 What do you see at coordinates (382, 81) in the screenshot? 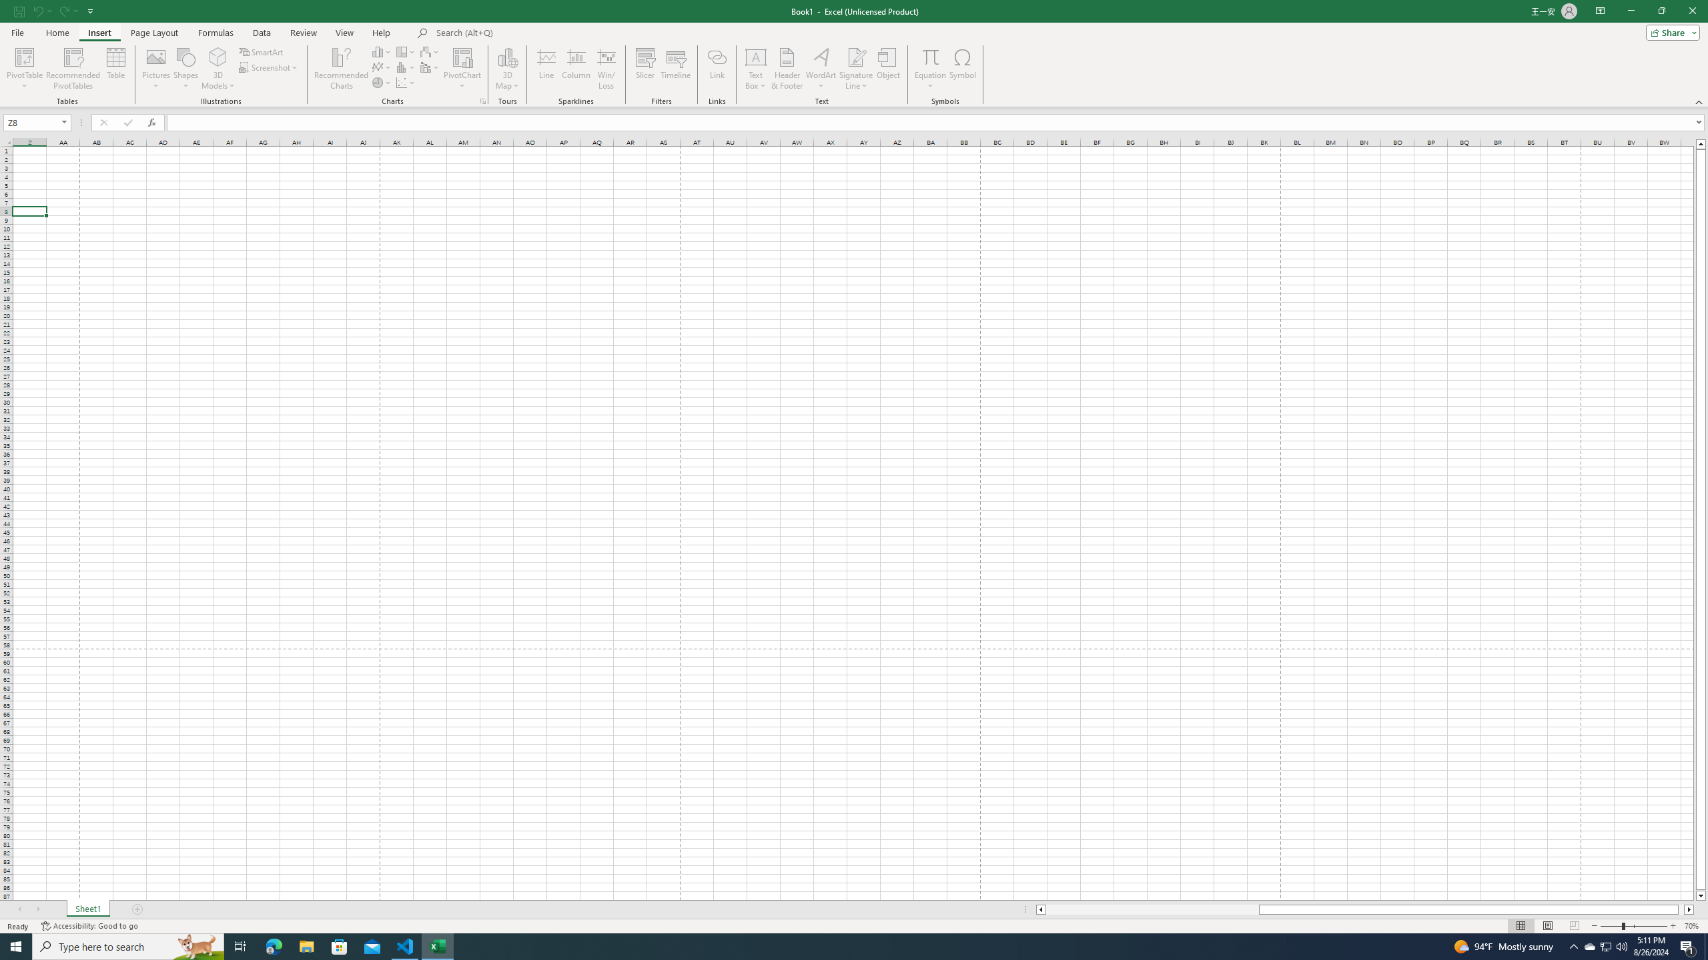
I see `'Insert Pie or Doughnut Chart'` at bounding box center [382, 81].